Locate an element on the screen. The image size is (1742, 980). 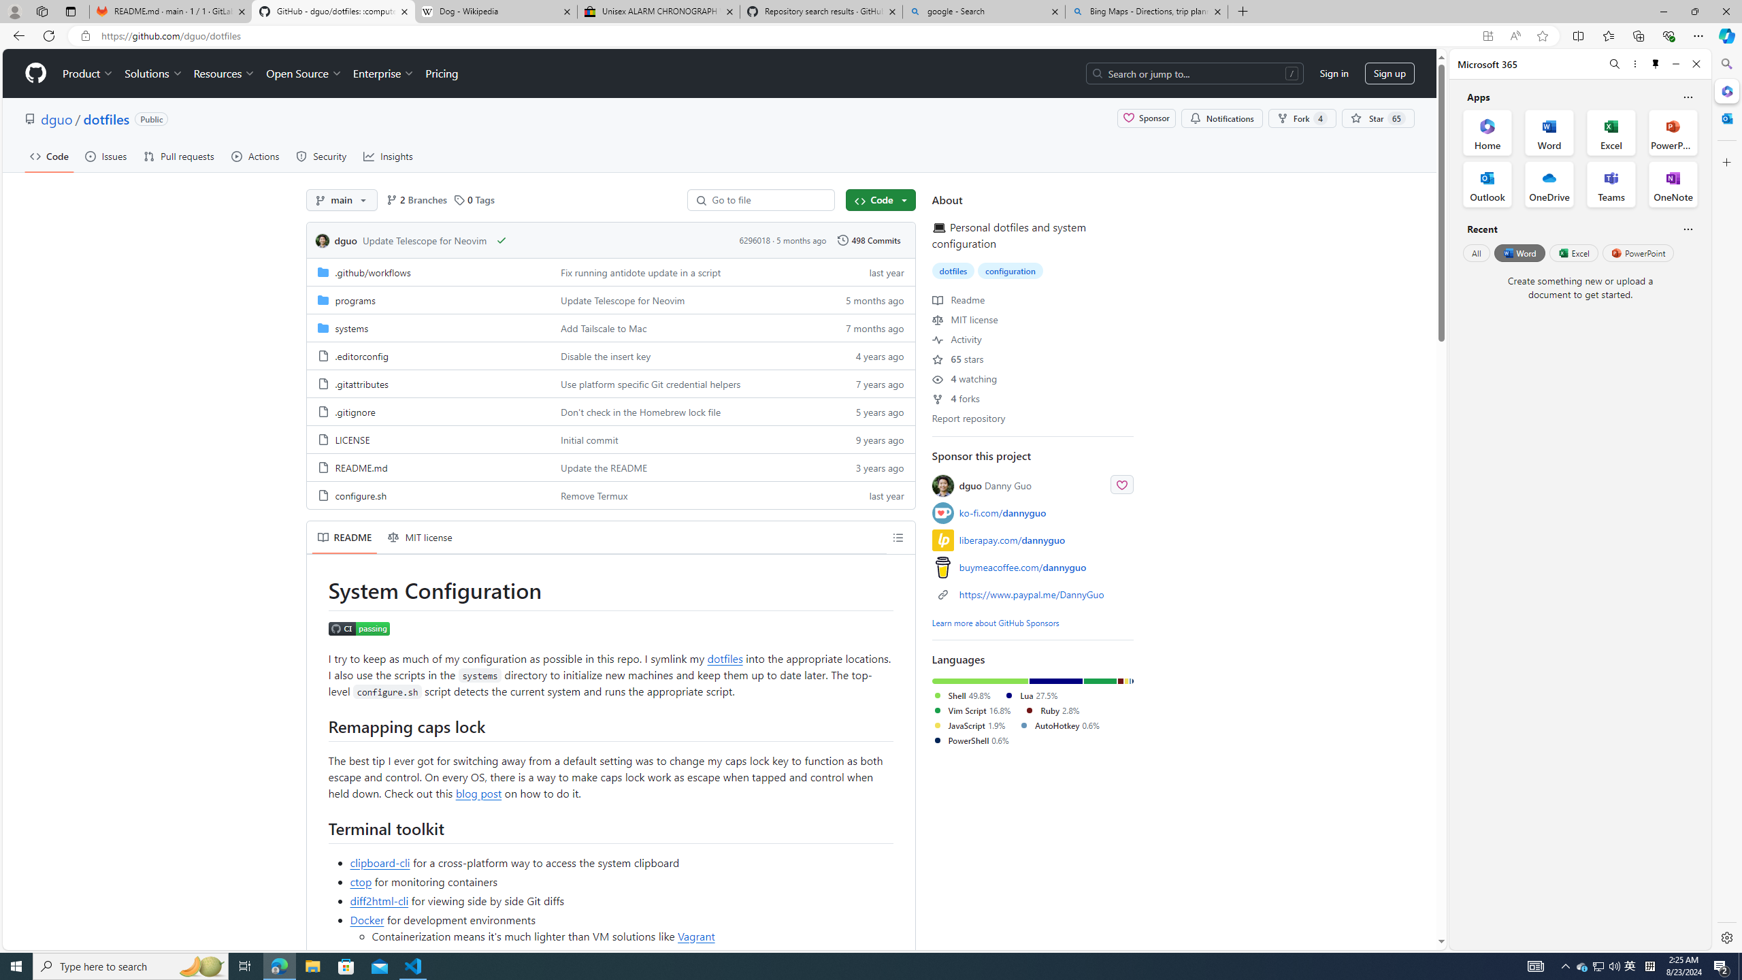
'programs, (Directory)' is located at coordinates (427, 299).